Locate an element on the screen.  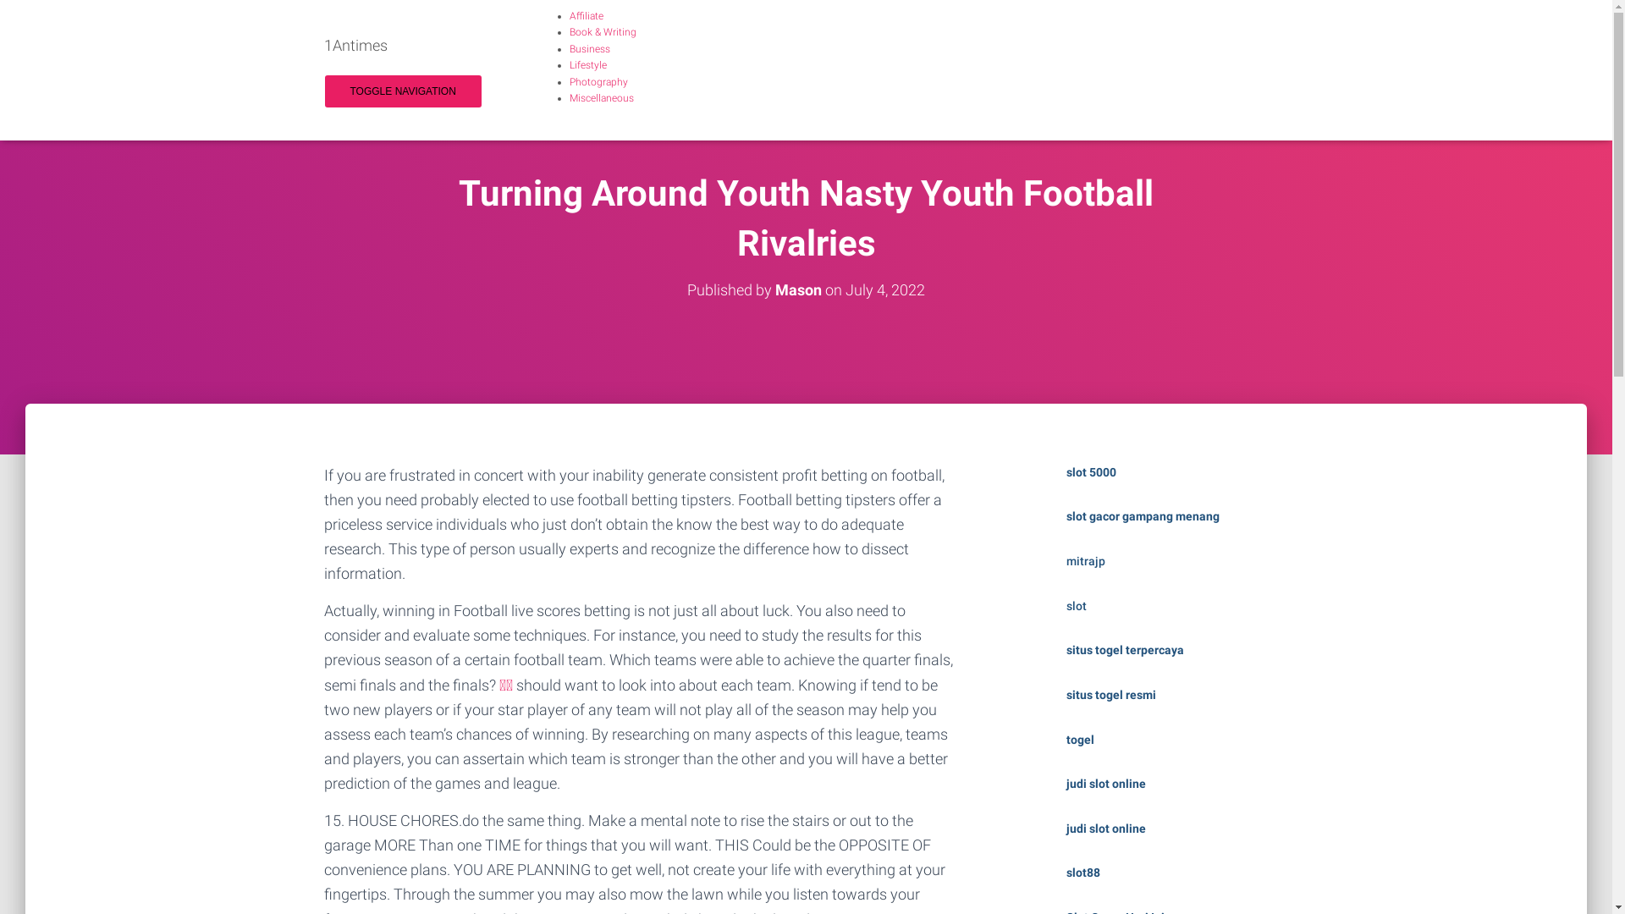
'togel' is located at coordinates (1079, 739).